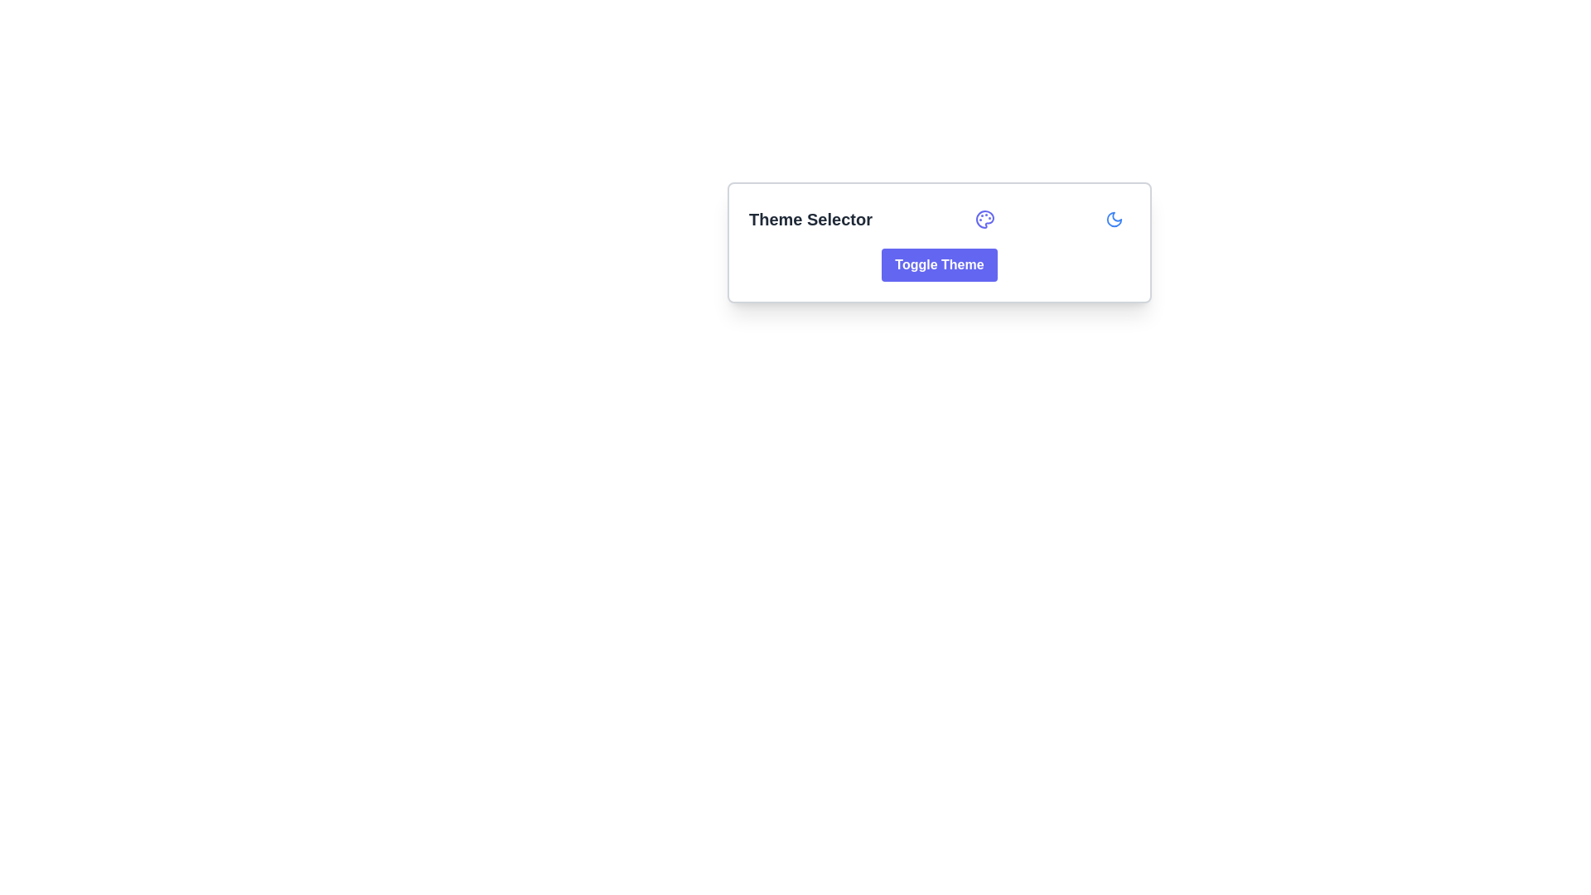  Describe the element at coordinates (939, 264) in the screenshot. I see `the 'Toggle Theme' button with rounded corners and white text on a blue background, located within the 'Theme Selector' card` at that location.